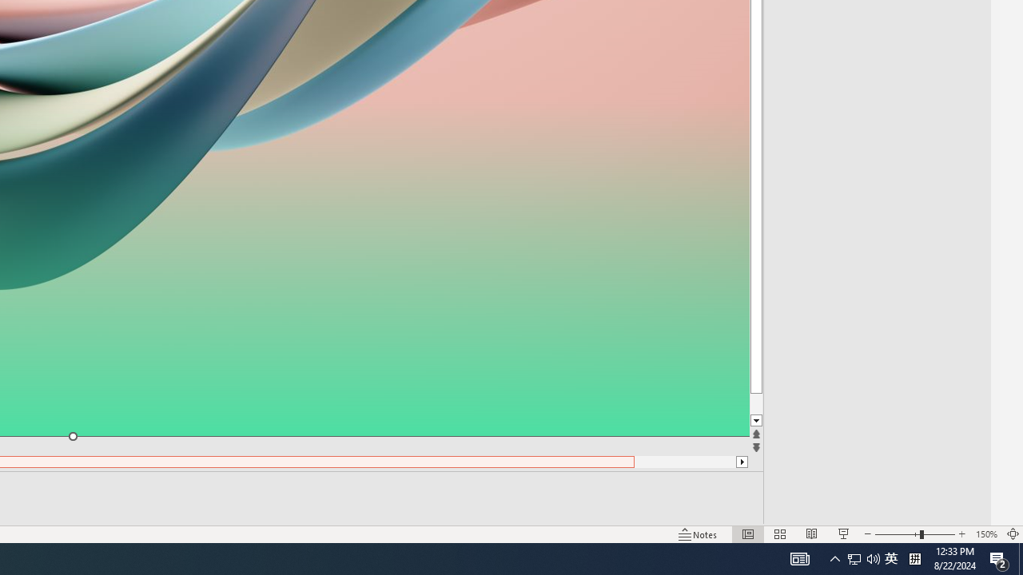 This screenshot has width=1023, height=575. Describe the element at coordinates (985, 534) in the screenshot. I see `'Zoom 150%'` at that location.